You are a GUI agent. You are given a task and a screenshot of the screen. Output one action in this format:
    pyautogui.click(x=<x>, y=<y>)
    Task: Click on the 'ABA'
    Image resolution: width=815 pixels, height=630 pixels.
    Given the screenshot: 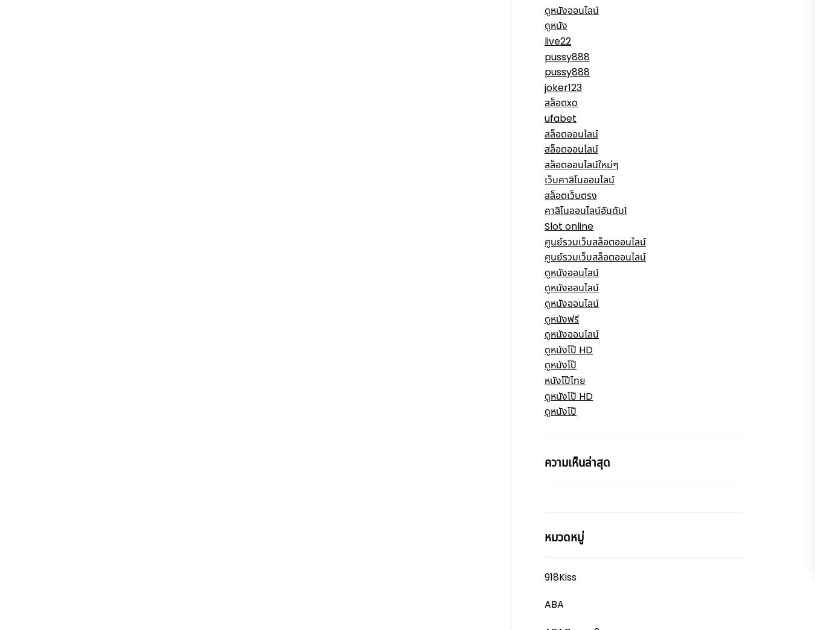 What is the action you would take?
    pyautogui.click(x=554, y=604)
    